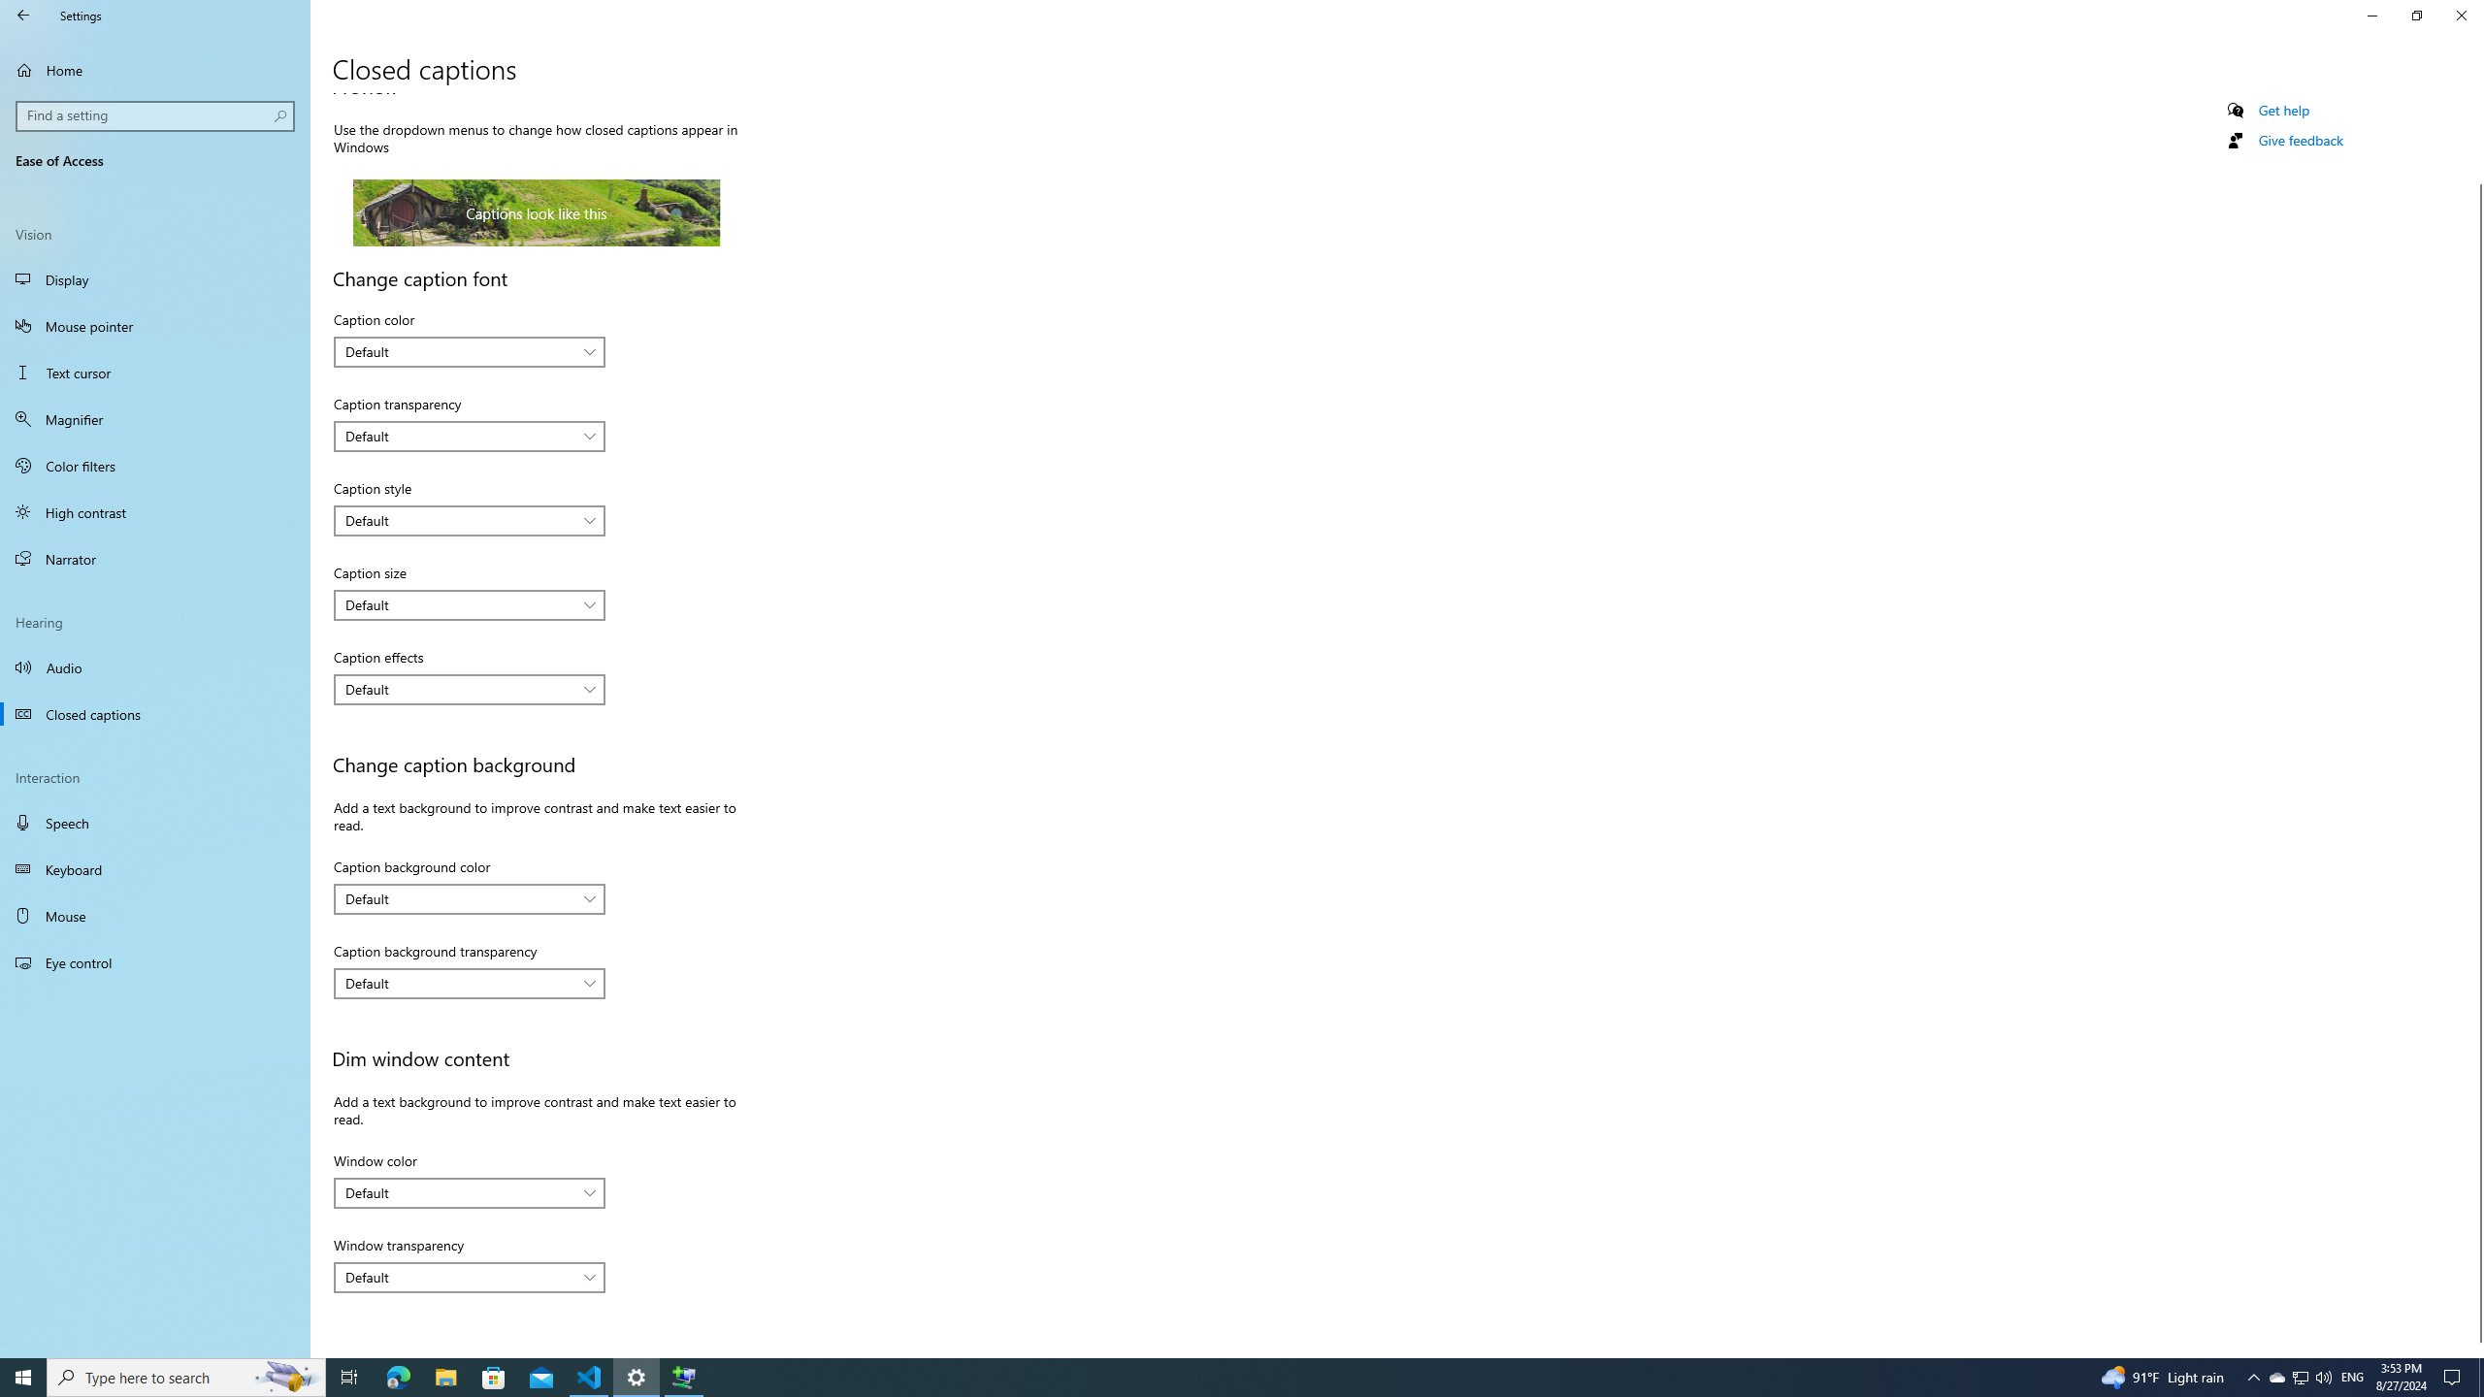 This screenshot has height=1397, width=2484. I want to click on 'Text cursor', so click(154, 371).